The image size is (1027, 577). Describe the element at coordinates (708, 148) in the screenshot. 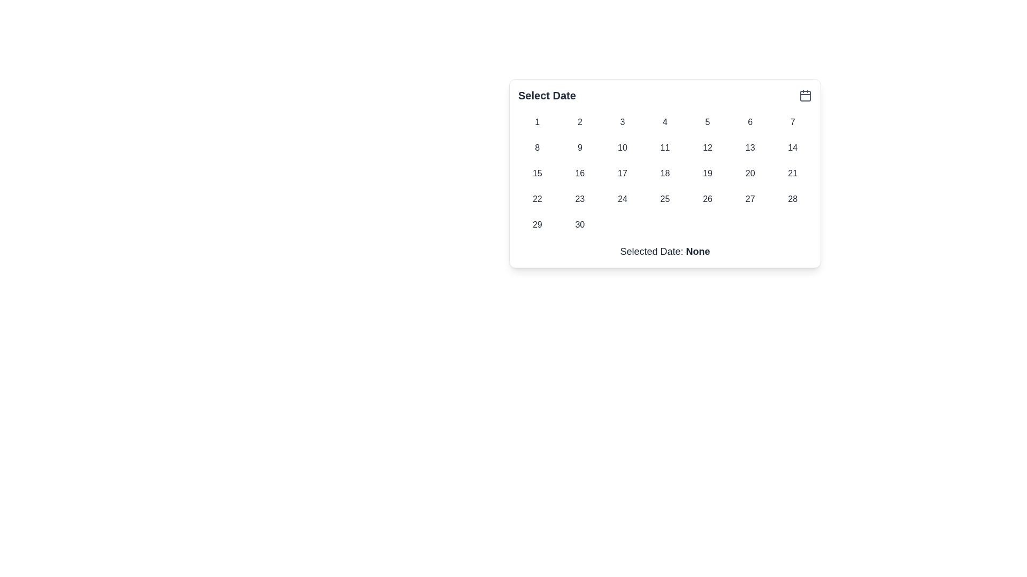

I see `the button representing the 12th day of the month in the calendar date selection interface located in the second row and fifth column` at that location.